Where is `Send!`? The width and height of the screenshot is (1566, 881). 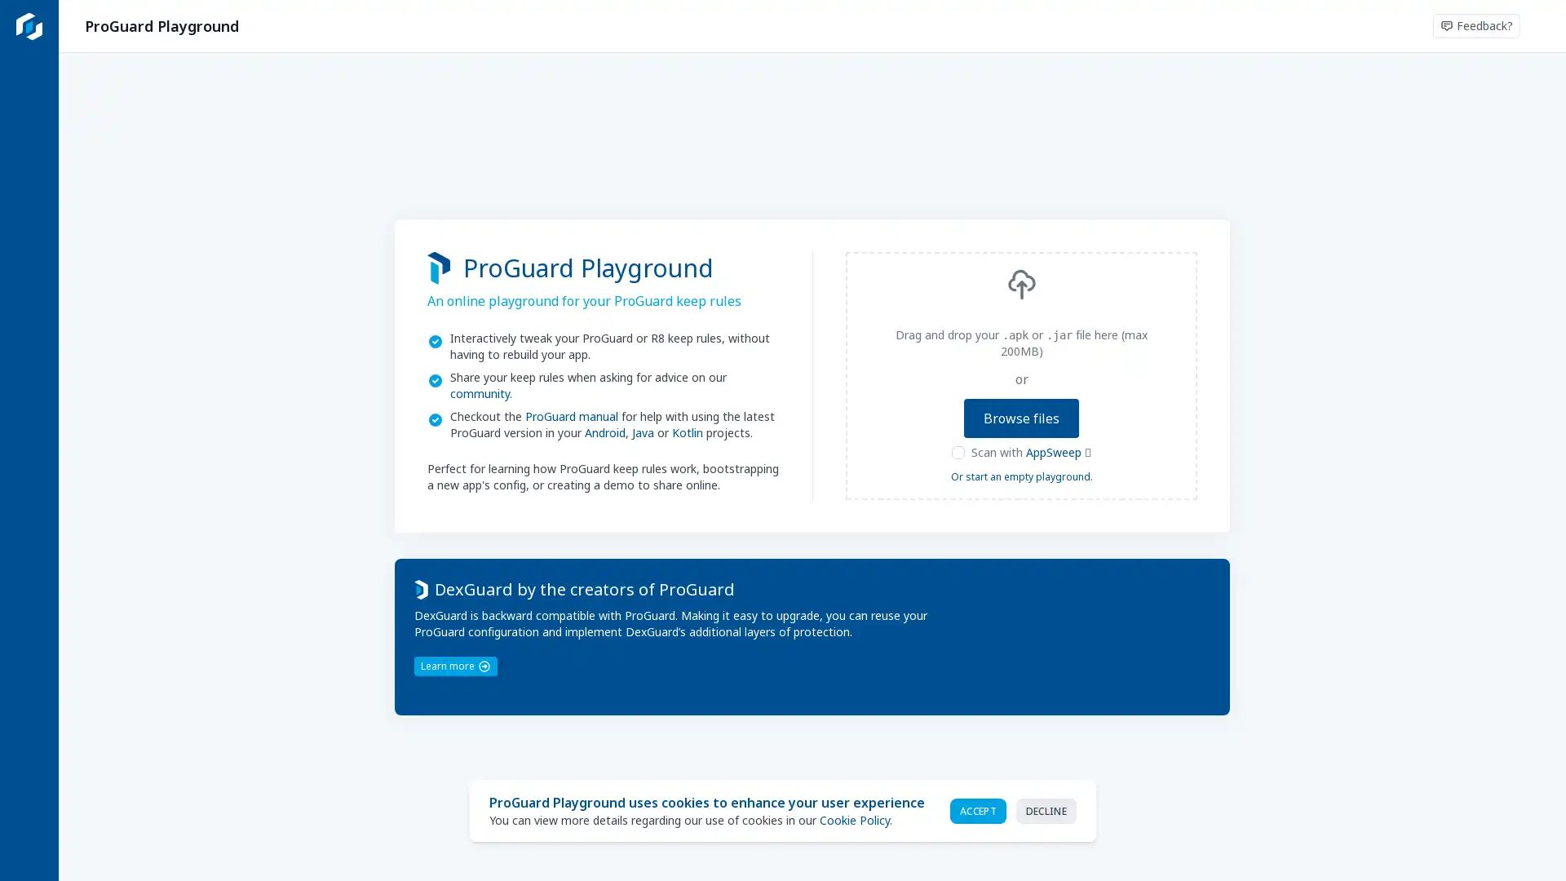 Send! is located at coordinates (1008, 581).